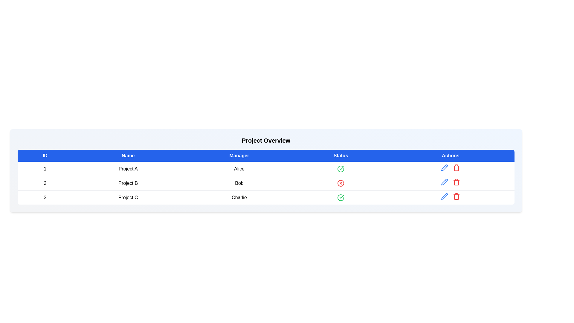  I want to click on the status icon located in the 'Status' column of the first row in the table, which indicates a positive or confirmed state for manager 'Alice' and project 'Project A', so click(341, 169).